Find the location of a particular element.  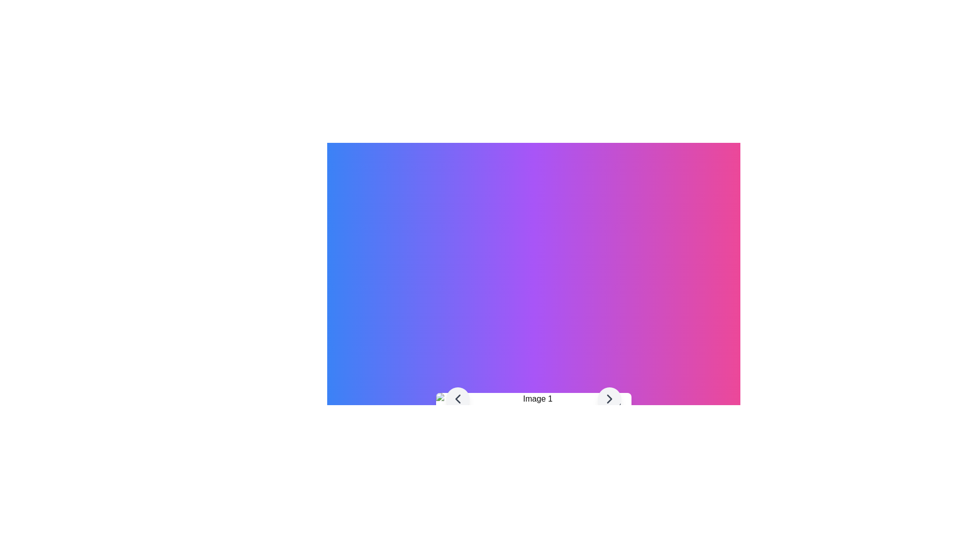

the navigational button located on the left side of the group is located at coordinates (457, 399).